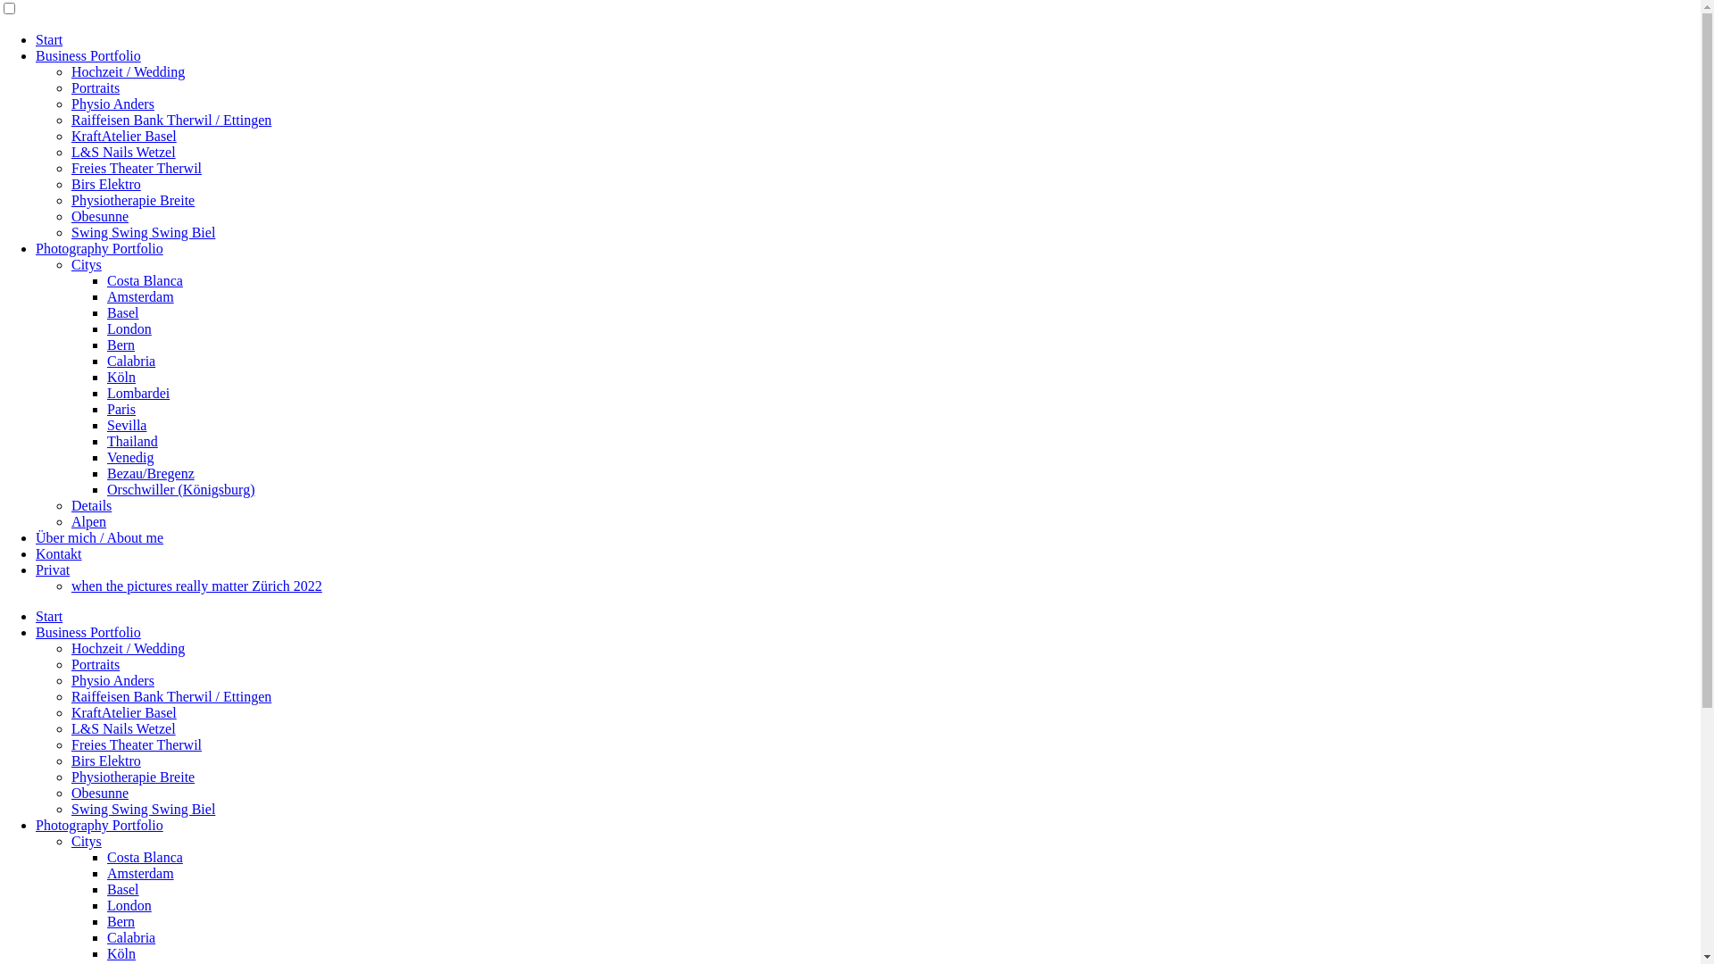 This screenshot has height=964, width=1714. What do you see at coordinates (59, 553) in the screenshot?
I see `'Kontakt'` at bounding box center [59, 553].